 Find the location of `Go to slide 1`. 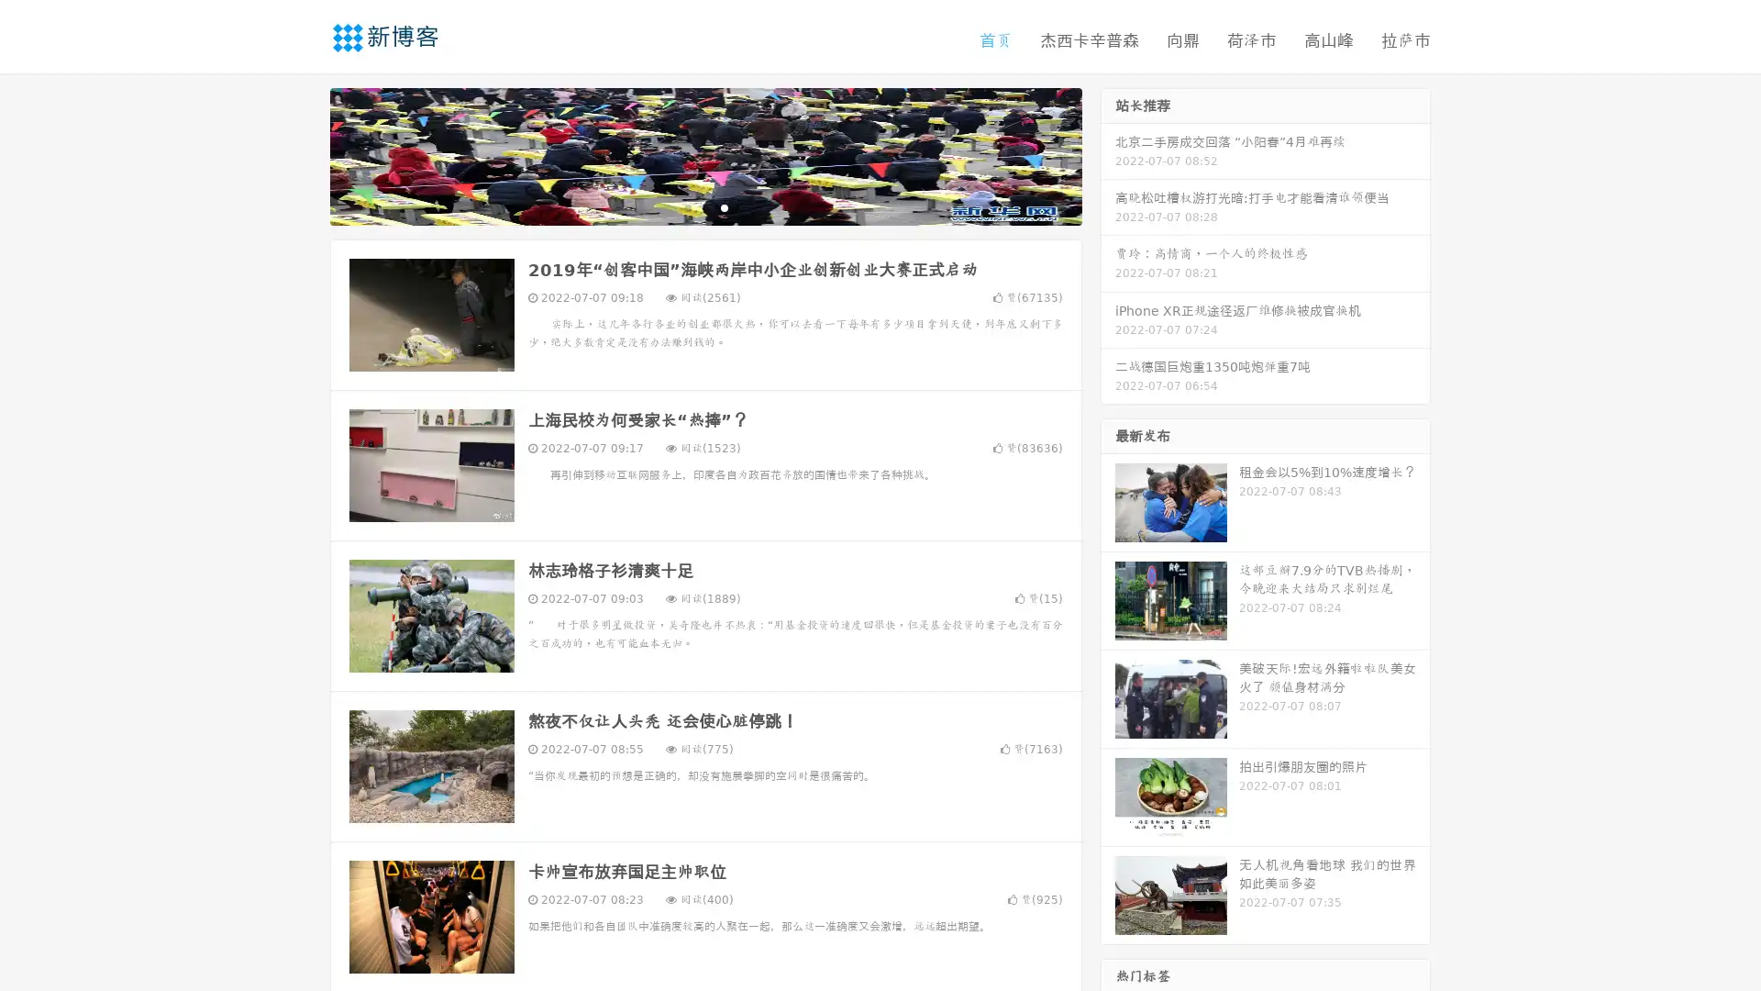

Go to slide 1 is located at coordinates (686, 206).